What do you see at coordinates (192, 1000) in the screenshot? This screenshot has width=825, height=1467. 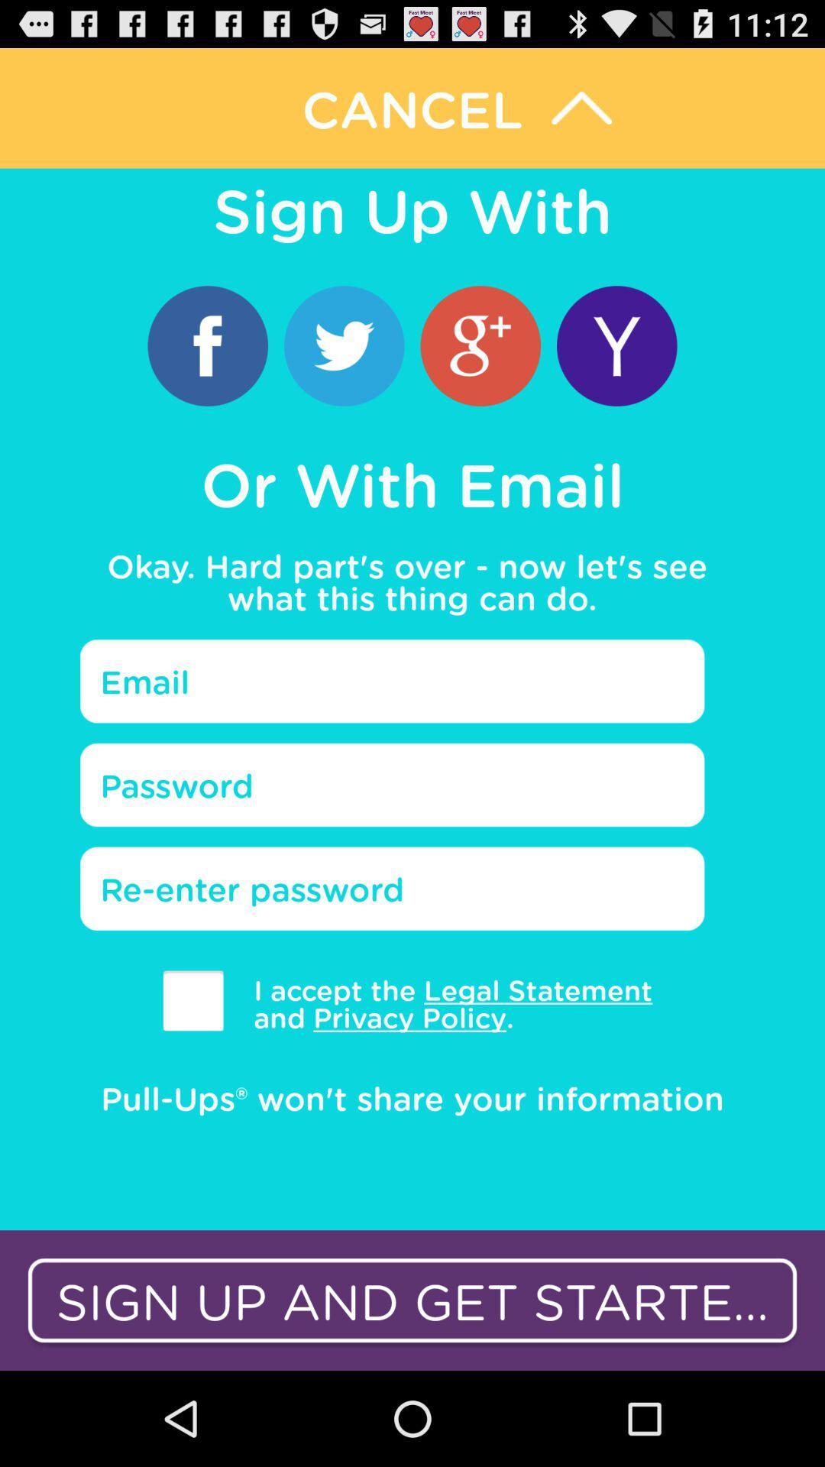 I see `icon to the left of the i accept the item` at bounding box center [192, 1000].